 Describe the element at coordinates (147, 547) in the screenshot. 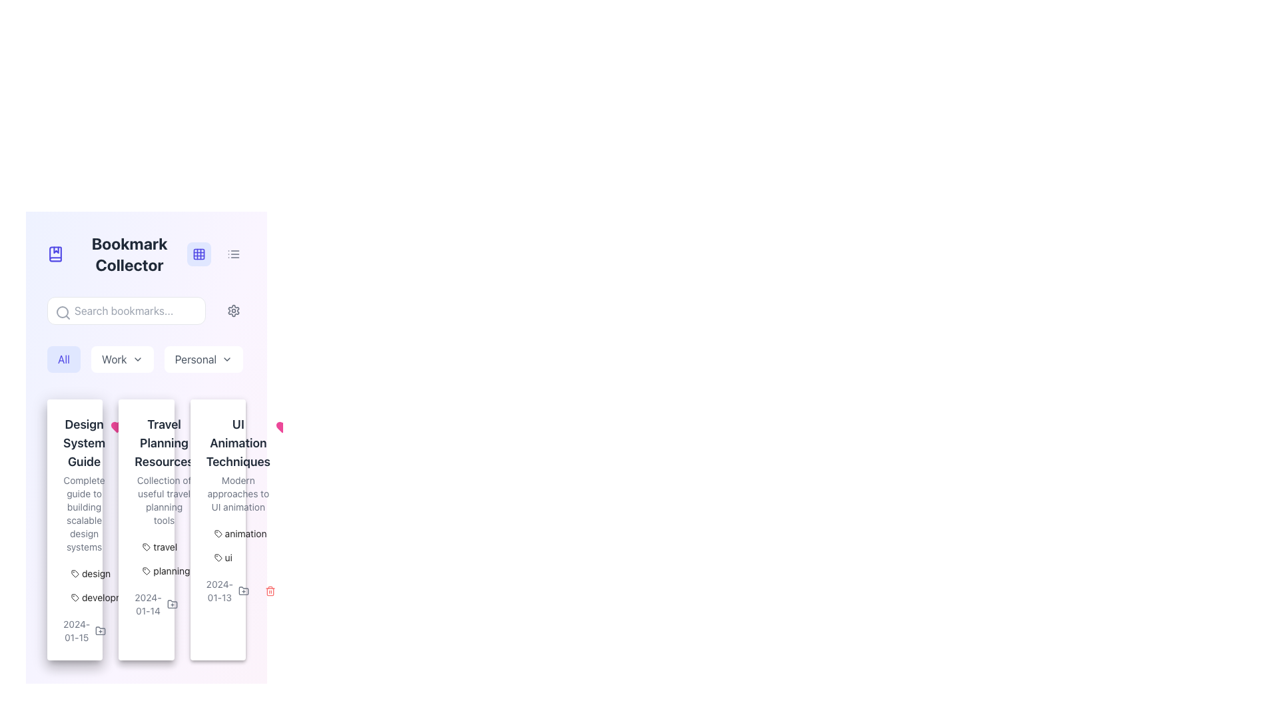

I see `the tag icon element located below the title text of the second card in a vertical scrolling UI` at that location.